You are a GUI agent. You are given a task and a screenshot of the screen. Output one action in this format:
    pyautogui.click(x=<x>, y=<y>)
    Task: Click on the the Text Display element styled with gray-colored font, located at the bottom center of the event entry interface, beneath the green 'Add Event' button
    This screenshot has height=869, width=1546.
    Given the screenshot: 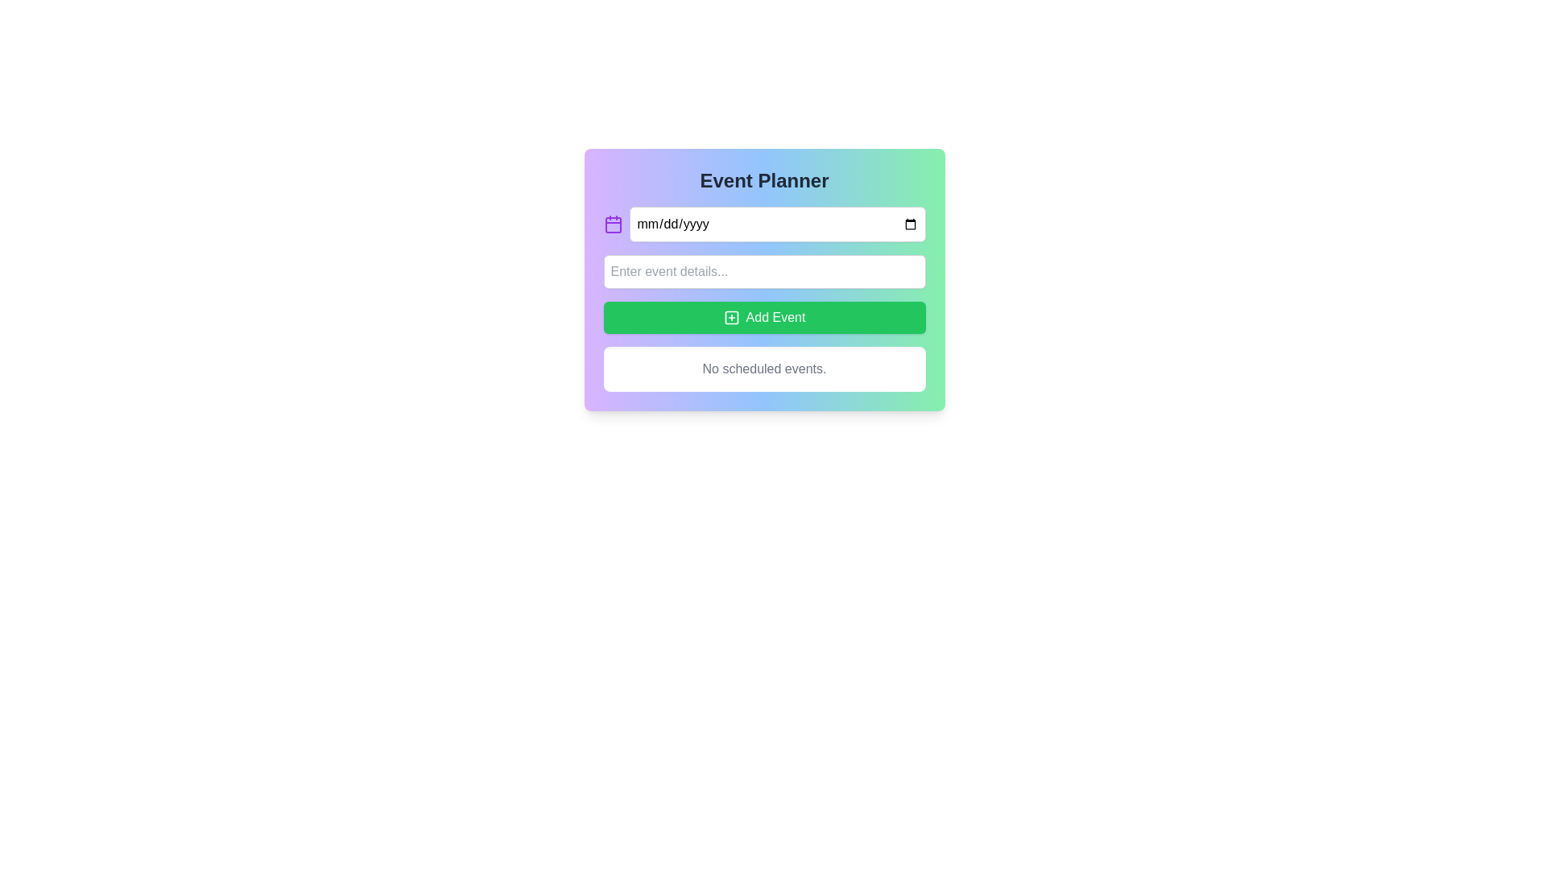 What is the action you would take?
    pyautogui.click(x=763, y=369)
    